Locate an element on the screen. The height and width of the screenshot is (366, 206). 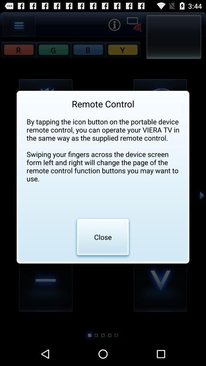
the info icon is located at coordinates (114, 26).